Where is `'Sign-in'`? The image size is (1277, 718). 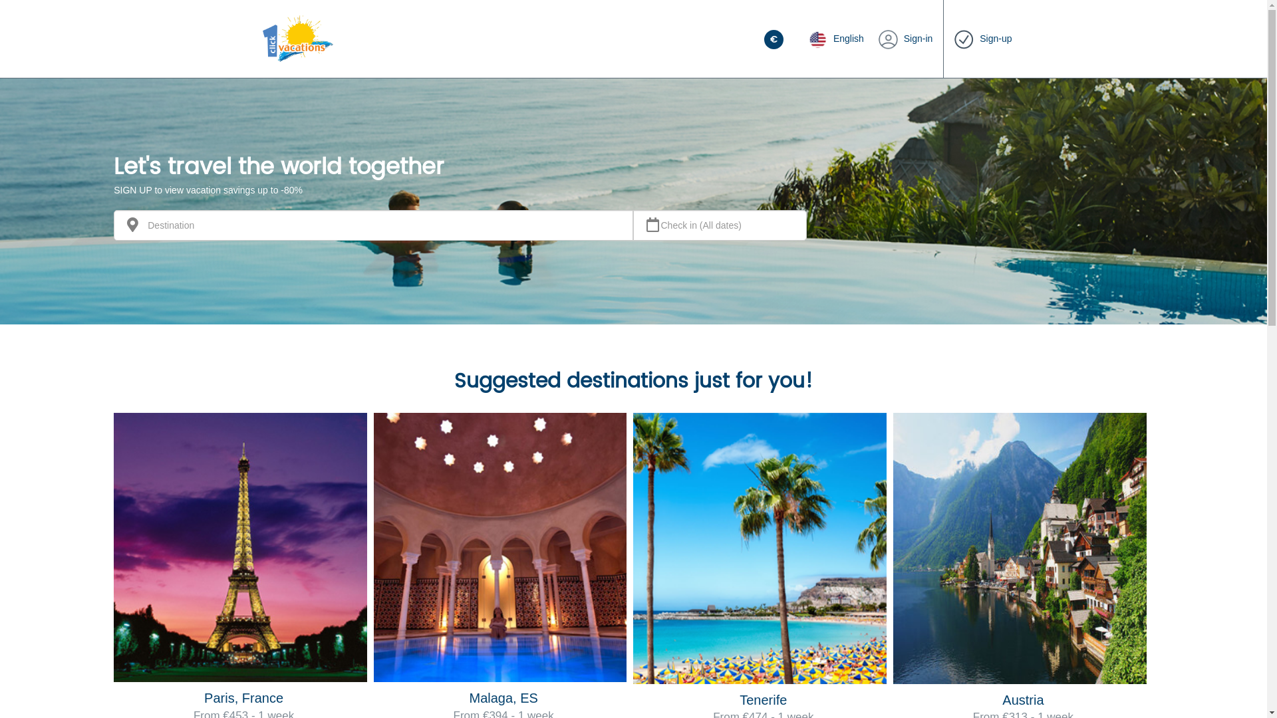 'Sign-in' is located at coordinates (905, 38).